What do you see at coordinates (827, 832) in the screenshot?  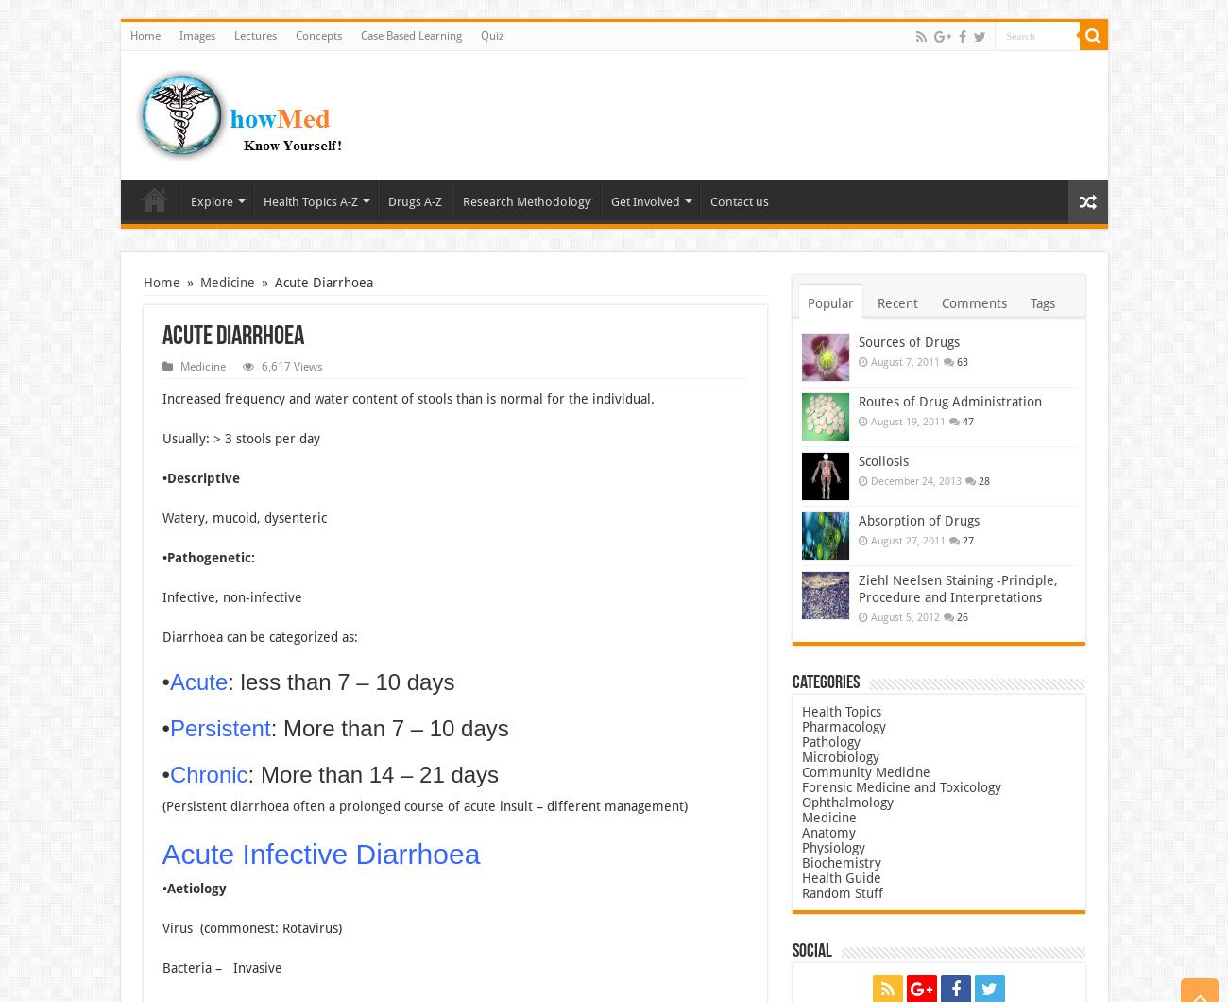 I see `'Anatomy'` at bounding box center [827, 832].